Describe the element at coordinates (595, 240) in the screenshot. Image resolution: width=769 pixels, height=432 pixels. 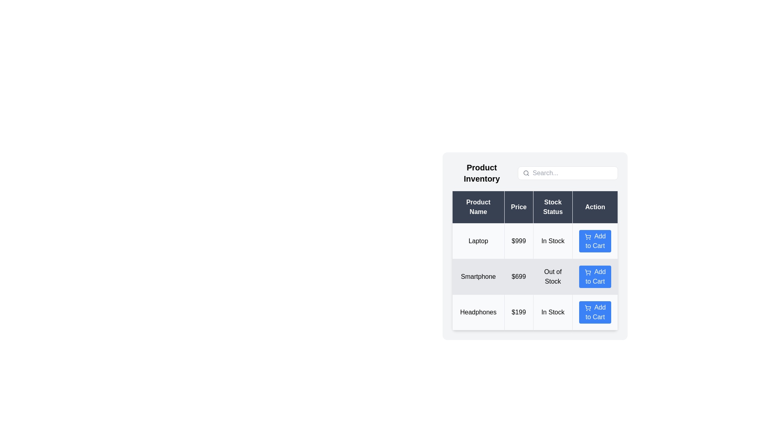
I see `'Add to Cart' button for the product named 'Laptop'` at that location.